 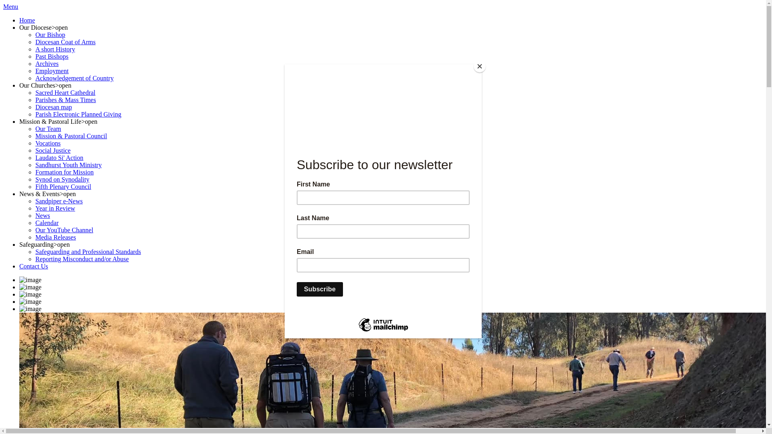 What do you see at coordinates (55, 49) in the screenshot?
I see `'A short History'` at bounding box center [55, 49].